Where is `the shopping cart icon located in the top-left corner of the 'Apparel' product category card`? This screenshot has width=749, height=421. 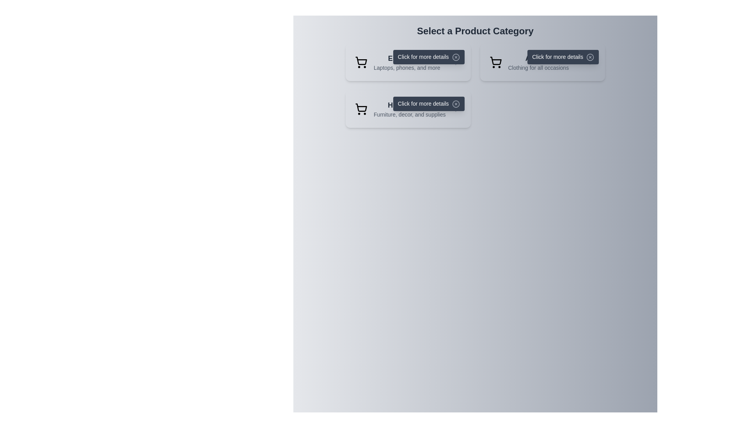 the shopping cart icon located in the top-left corner of the 'Apparel' product category card is located at coordinates (495, 62).